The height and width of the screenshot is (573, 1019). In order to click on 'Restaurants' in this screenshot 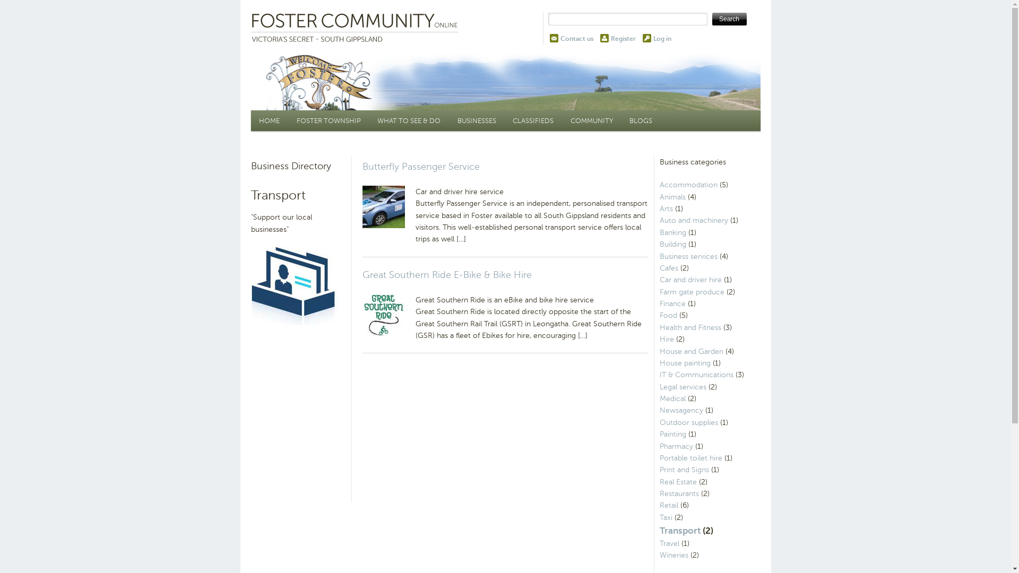, I will do `click(659, 493)`.